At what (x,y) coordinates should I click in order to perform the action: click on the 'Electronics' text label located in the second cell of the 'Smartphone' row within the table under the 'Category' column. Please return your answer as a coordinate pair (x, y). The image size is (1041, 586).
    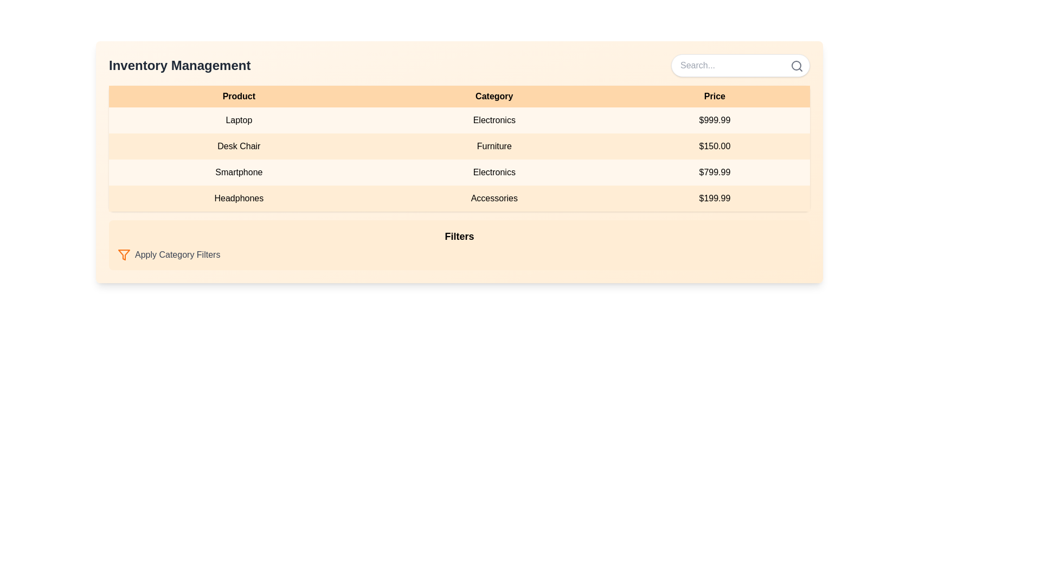
    Looking at the image, I should click on (493, 171).